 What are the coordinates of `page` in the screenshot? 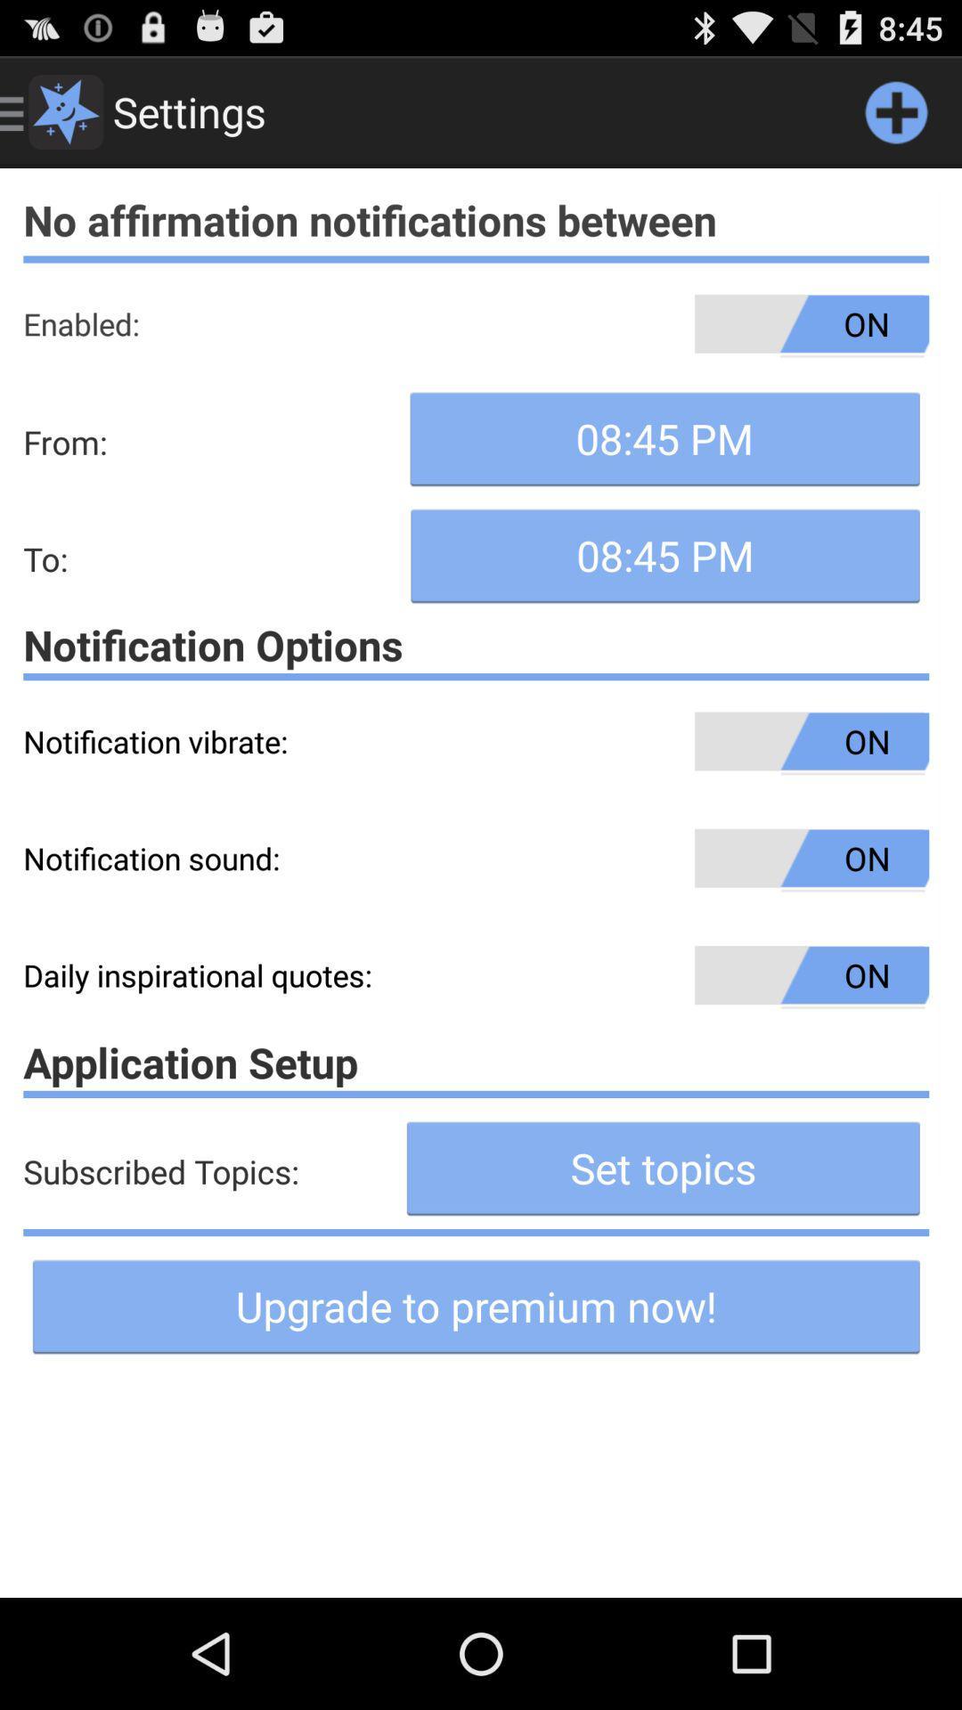 It's located at (896, 110).